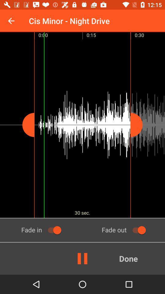 This screenshot has width=165, height=294. Describe the element at coordinates (82, 258) in the screenshot. I see `icon to the left of done` at that location.